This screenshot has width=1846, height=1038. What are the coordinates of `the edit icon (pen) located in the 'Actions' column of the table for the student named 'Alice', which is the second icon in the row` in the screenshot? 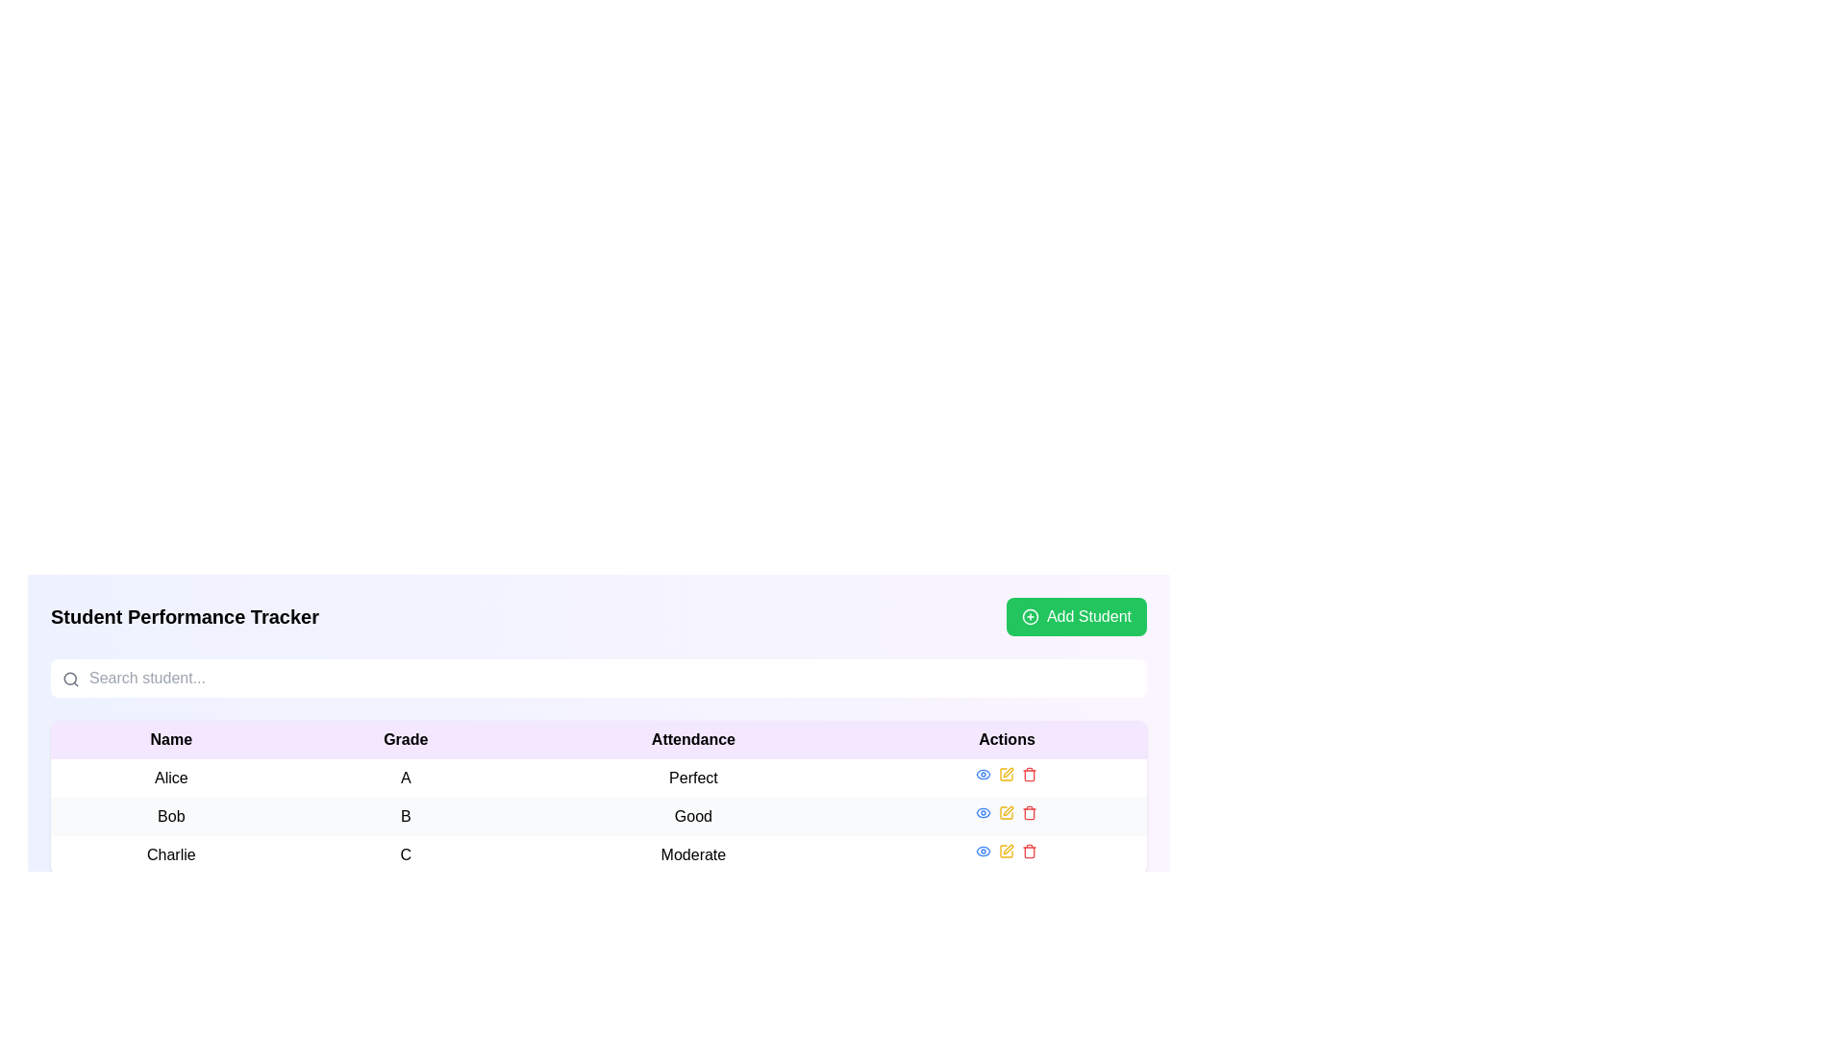 It's located at (1008, 771).